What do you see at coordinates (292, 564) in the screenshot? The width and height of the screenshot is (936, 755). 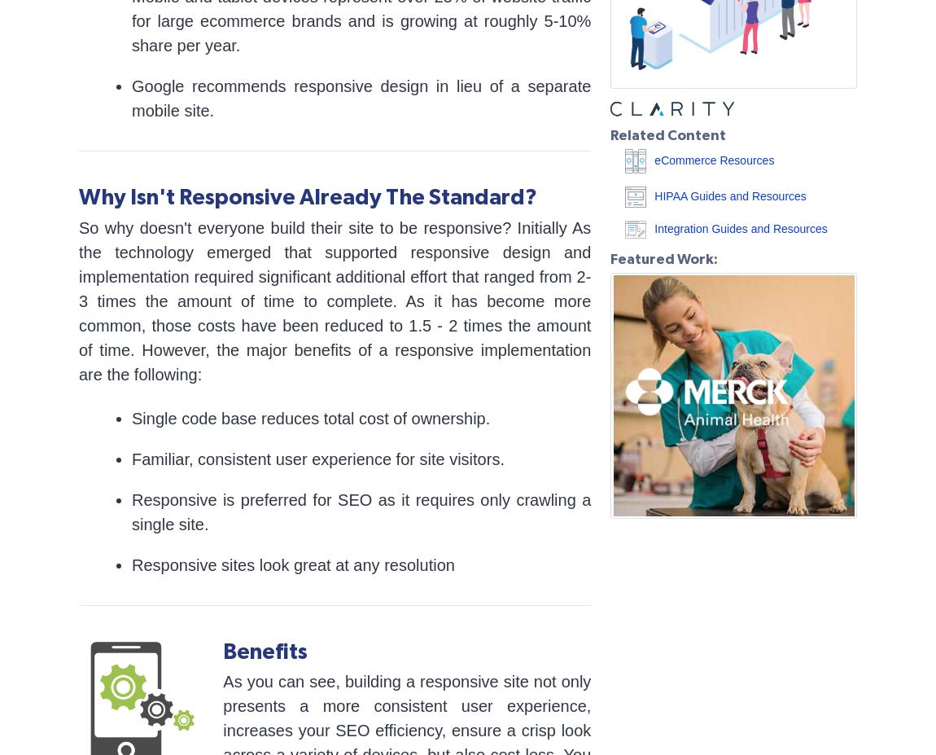 I see `'Responsive sites look great at any resolution'` at bounding box center [292, 564].